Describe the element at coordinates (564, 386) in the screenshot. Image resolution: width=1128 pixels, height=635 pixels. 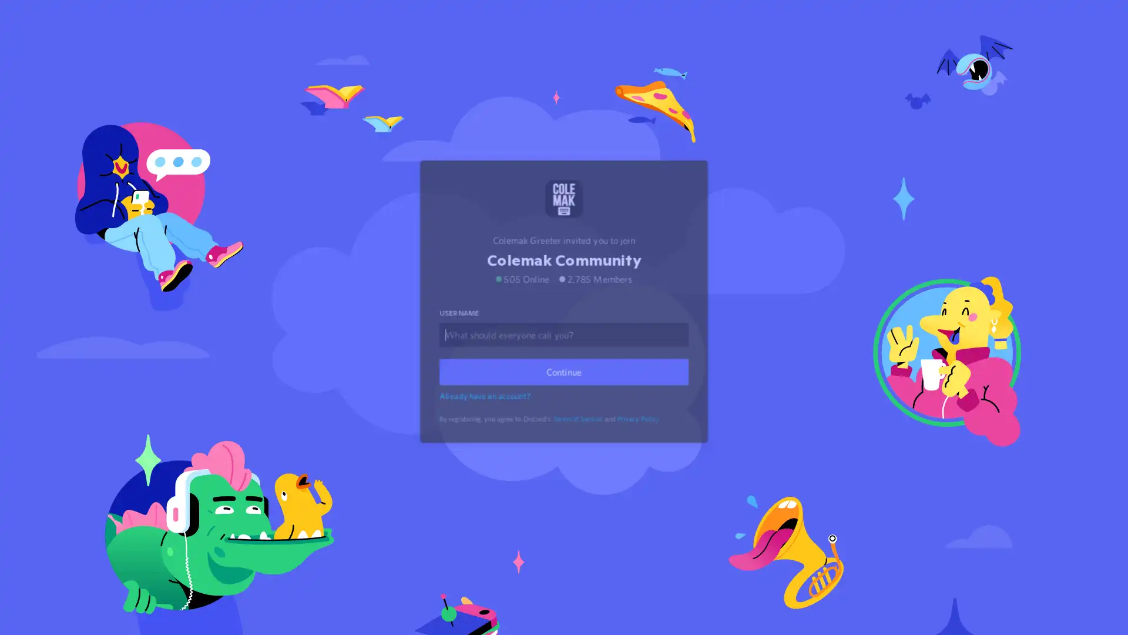
I see `Continue` at that location.